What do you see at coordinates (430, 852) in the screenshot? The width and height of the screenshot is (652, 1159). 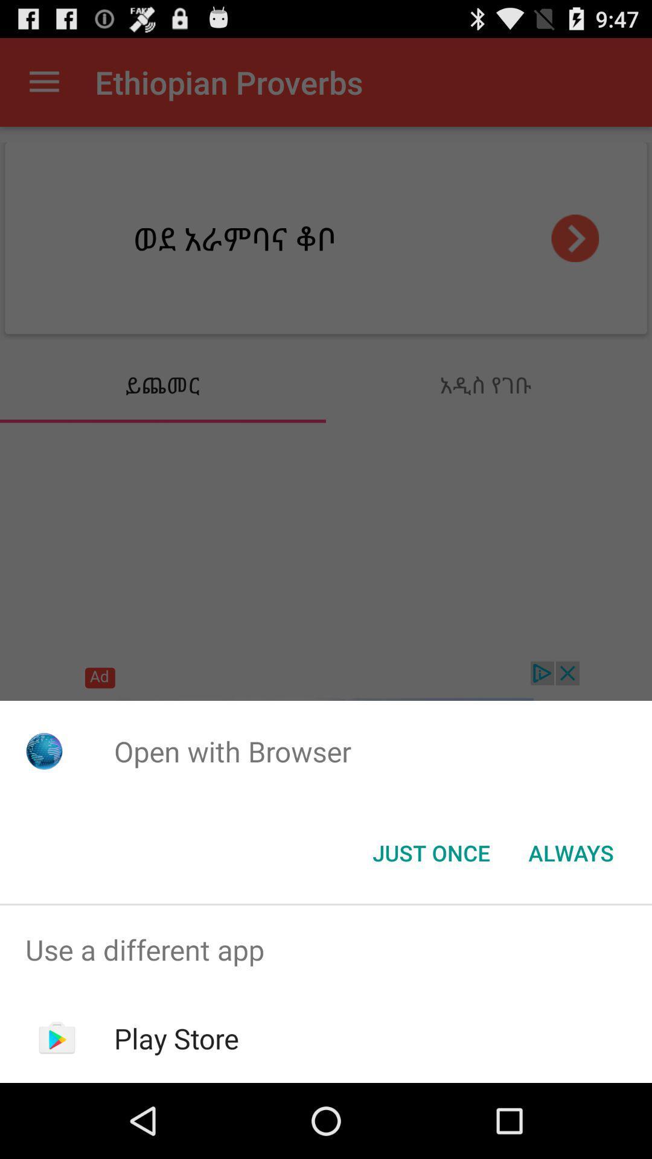 I see `the item to the left of the always item` at bounding box center [430, 852].